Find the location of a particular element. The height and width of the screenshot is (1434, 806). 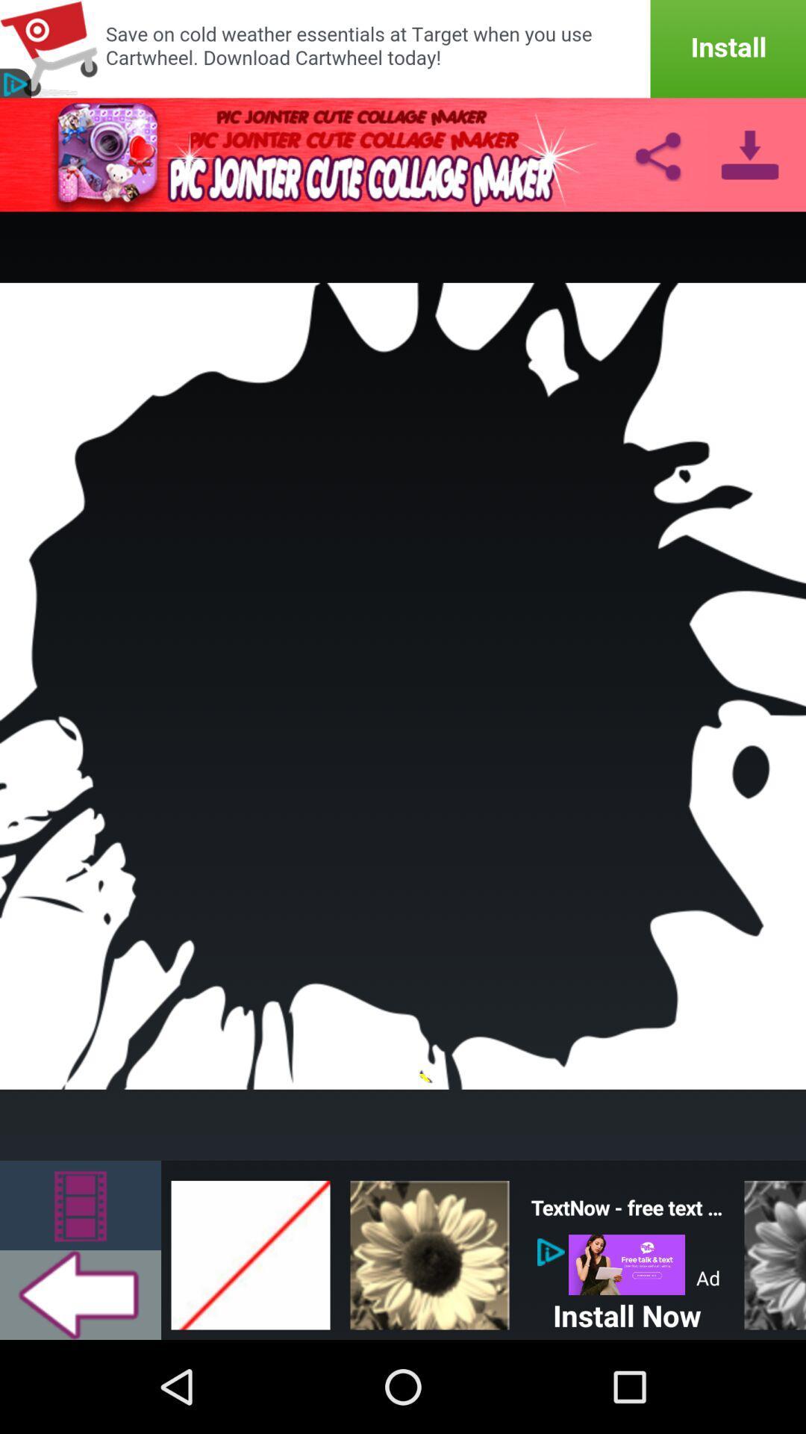

image is located at coordinates (429, 1250).